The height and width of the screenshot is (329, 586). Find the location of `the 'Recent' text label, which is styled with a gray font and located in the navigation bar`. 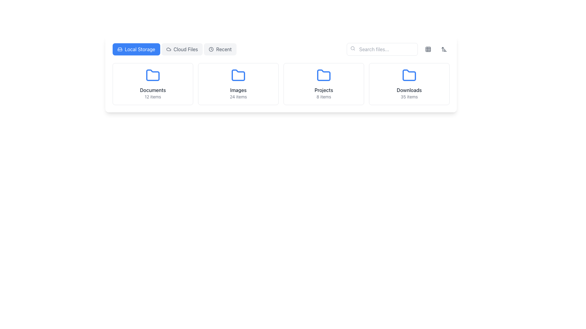

the 'Recent' text label, which is styled with a gray font and located in the navigation bar is located at coordinates (223, 49).